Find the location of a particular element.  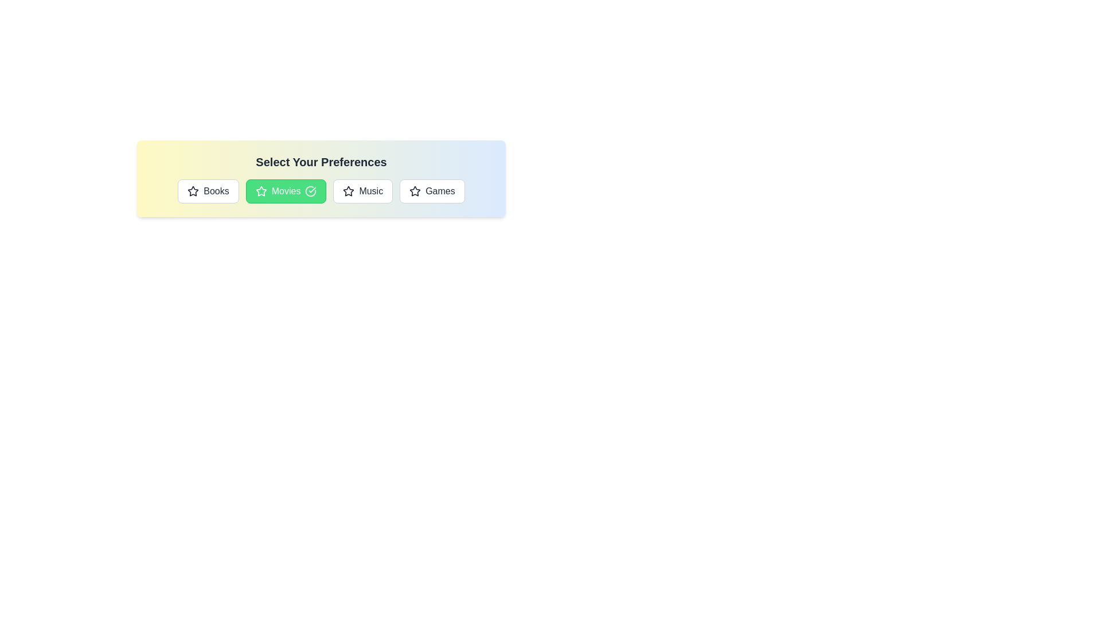

the category Music is located at coordinates (362, 191).